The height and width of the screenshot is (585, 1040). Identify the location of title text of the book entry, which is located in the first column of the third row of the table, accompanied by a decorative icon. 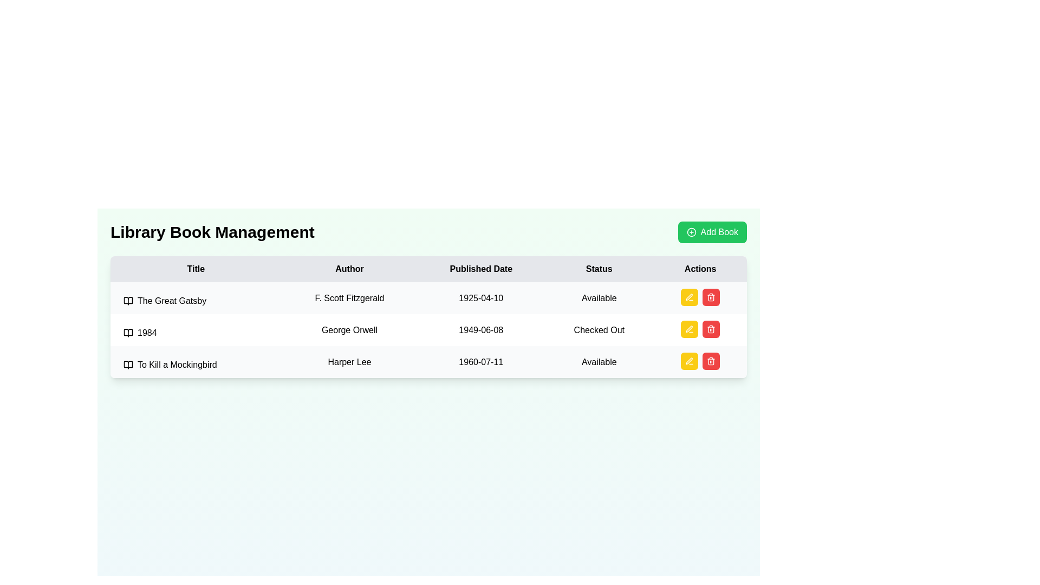
(196, 365).